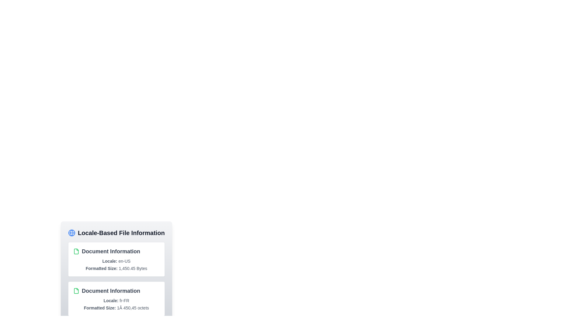  I want to click on the Static Text displaying formatted file size information located within the 'Document Information' section, positioned below 'Locale: en-US' and above subsequent content, so click(116, 268).